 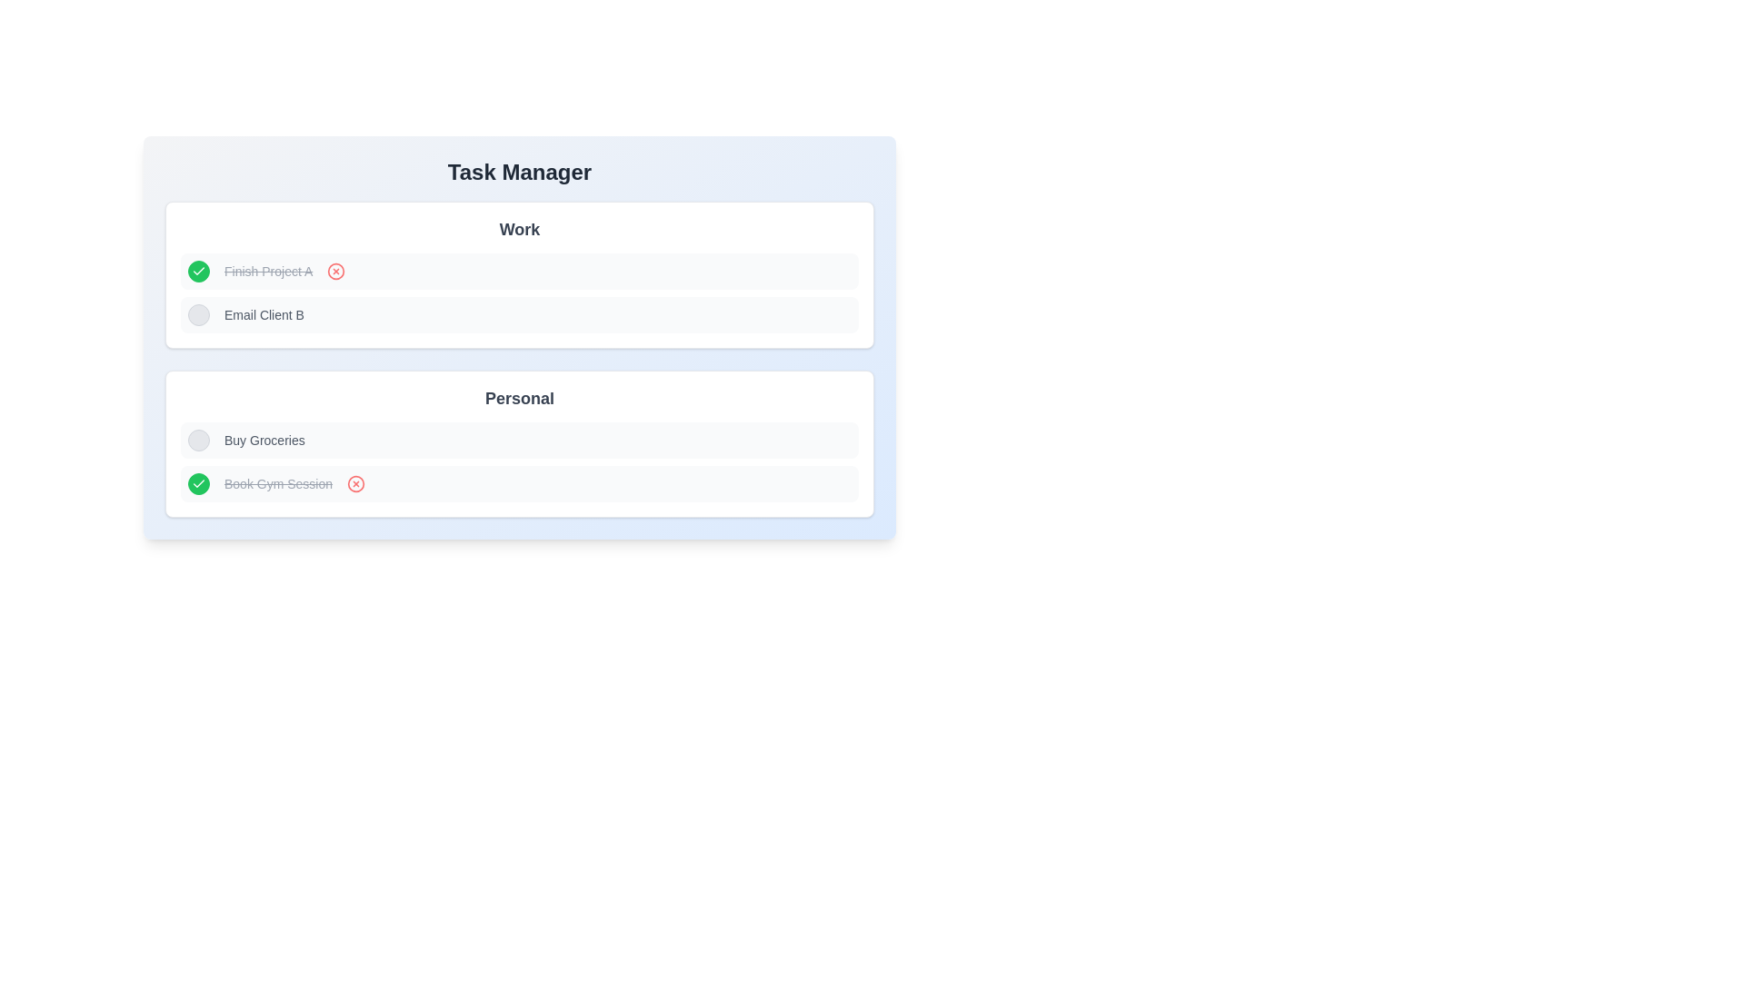 What do you see at coordinates (518, 272) in the screenshot?
I see `the first task entry in the 'Work' section of the 'Task Manager' interface, which features a green circular icon with a checkmark, a line-through text 'Finish Project A', and a red circular icon with an 'X'` at bounding box center [518, 272].